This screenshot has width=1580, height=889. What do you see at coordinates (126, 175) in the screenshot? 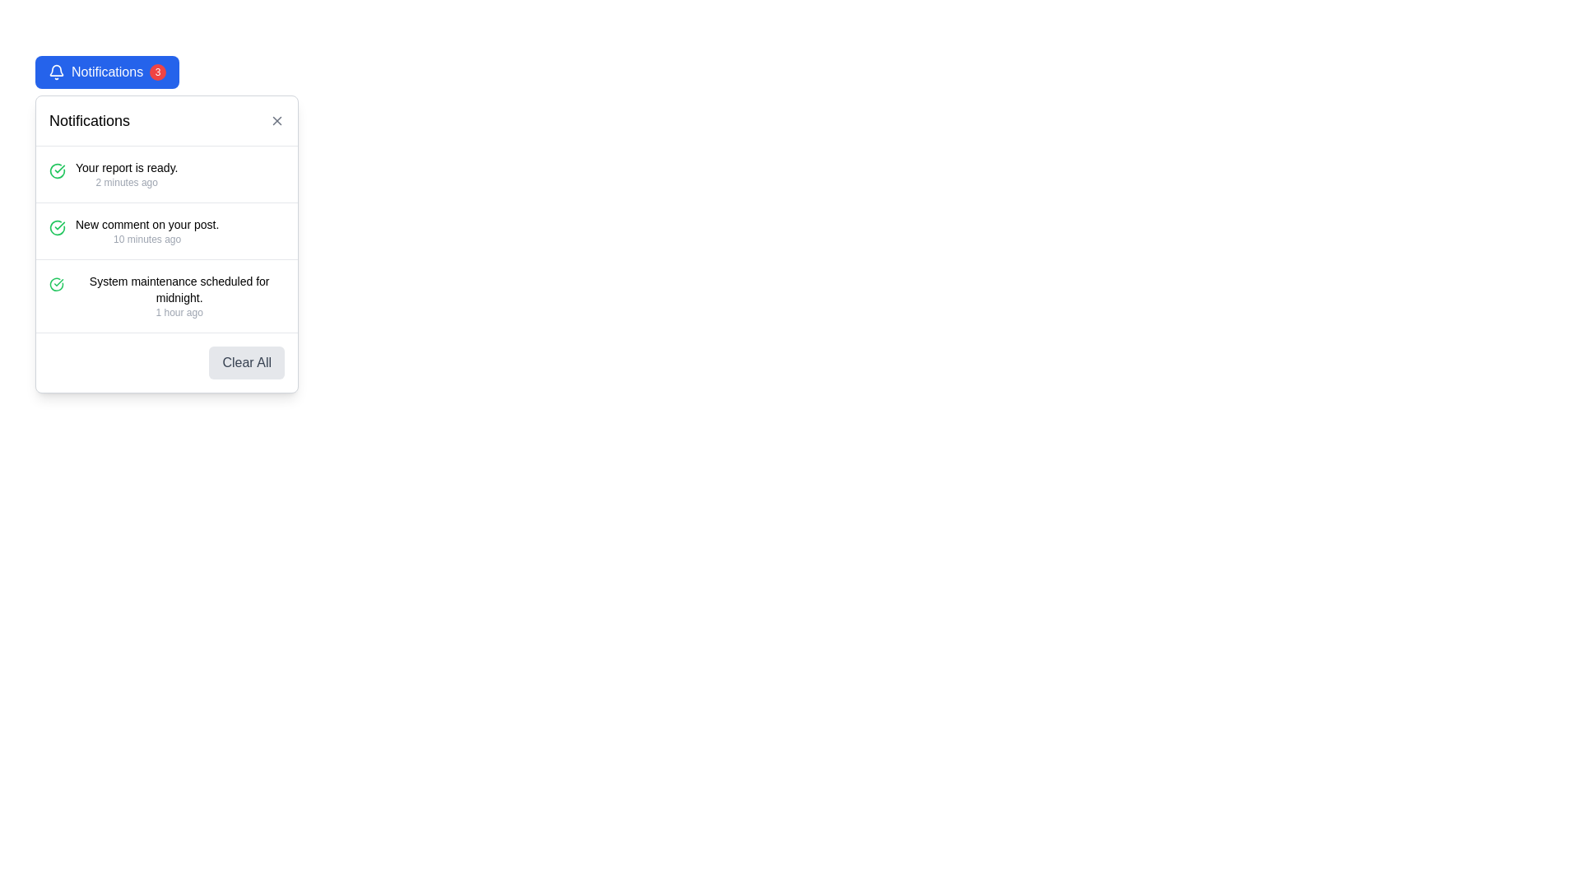
I see `the notification item that displays 'Your report is ready.' in bold and '2 minutes ago.' in gray, located below a green check icon` at bounding box center [126, 175].